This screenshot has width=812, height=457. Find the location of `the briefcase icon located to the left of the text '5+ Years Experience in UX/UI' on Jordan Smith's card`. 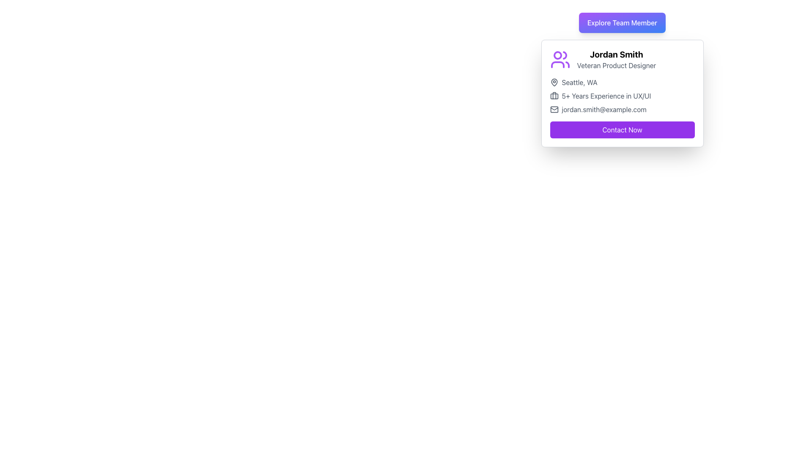

the briefcase icon located to the left of the text '5+ Years Experience in UX/UI' on Jordan Smith's card is located at coordinates (554, 96).